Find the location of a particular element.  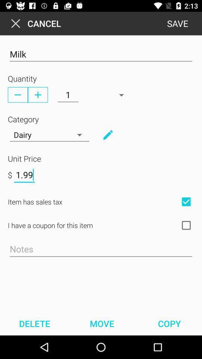

the add icon is located at coordinates (37, 94).